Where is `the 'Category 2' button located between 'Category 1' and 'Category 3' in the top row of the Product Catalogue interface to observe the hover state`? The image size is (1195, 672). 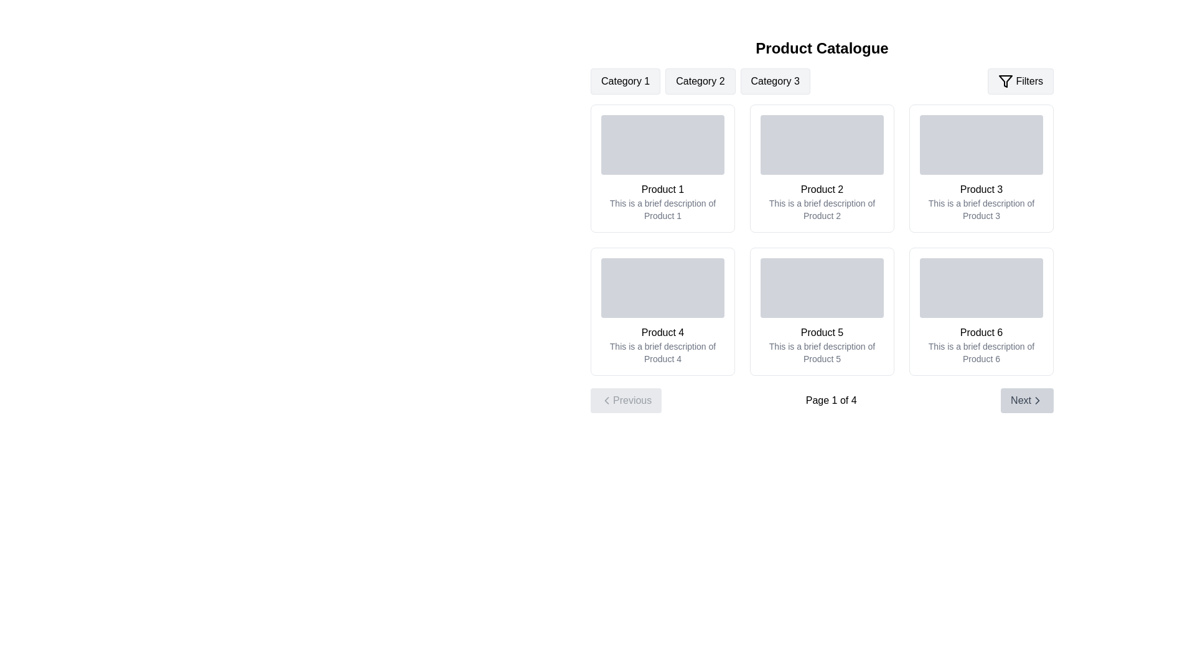 the 'Category 2' button located between 'Category 1' and 'Category 3' in the top row of the Product Catalogue interface to observe the hover state is located at coordinates (700, 82).